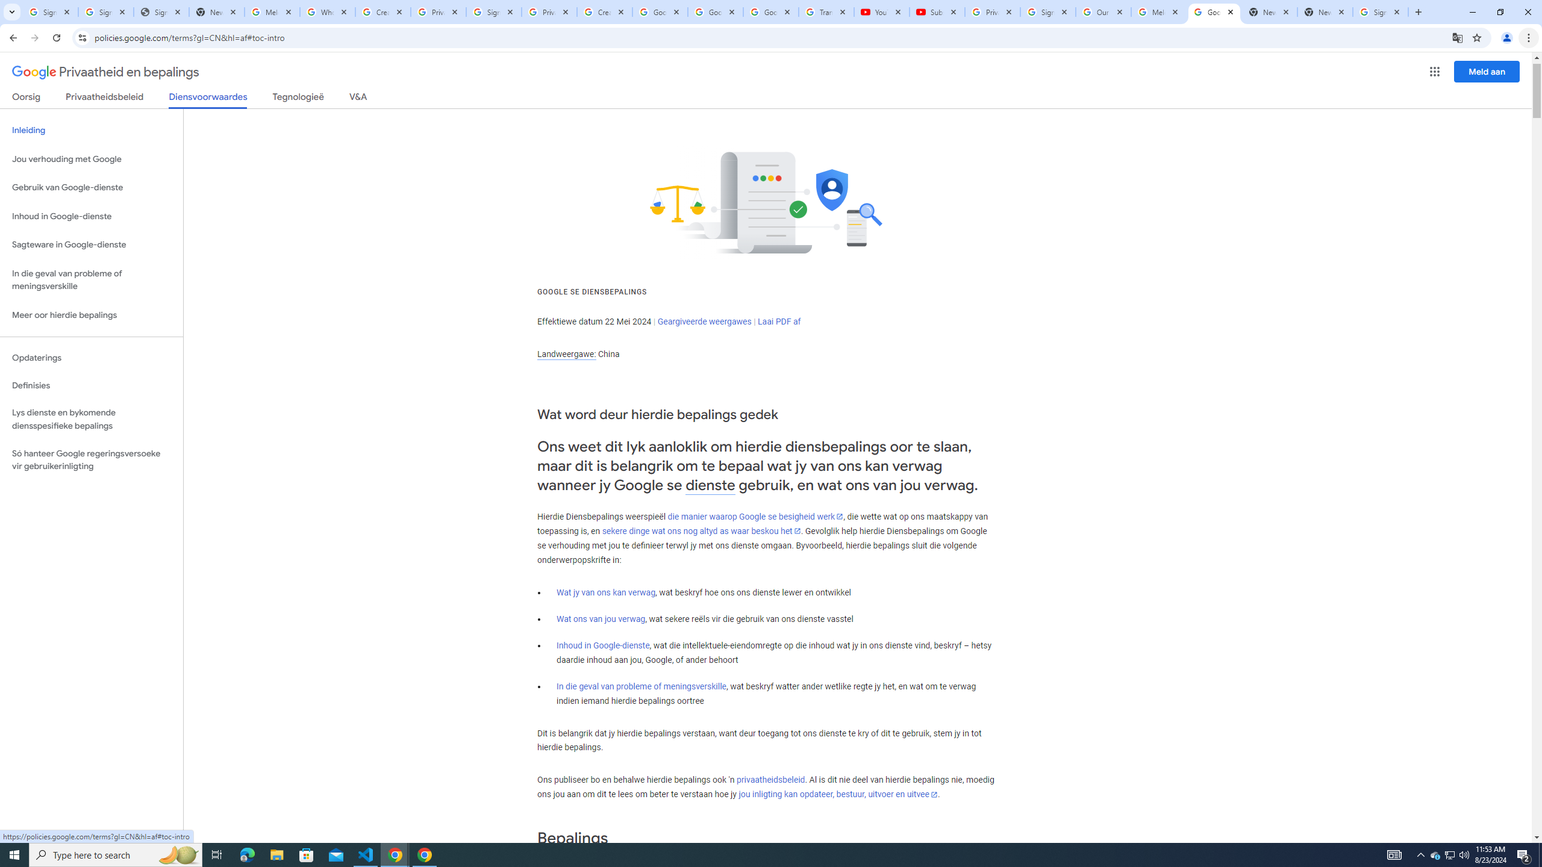 Image resolution: width=1542 pixels, height=867 pixels. Describe the element at coordinates (1325, 11) in the screenshot. I see `'New Tab'` at that location.